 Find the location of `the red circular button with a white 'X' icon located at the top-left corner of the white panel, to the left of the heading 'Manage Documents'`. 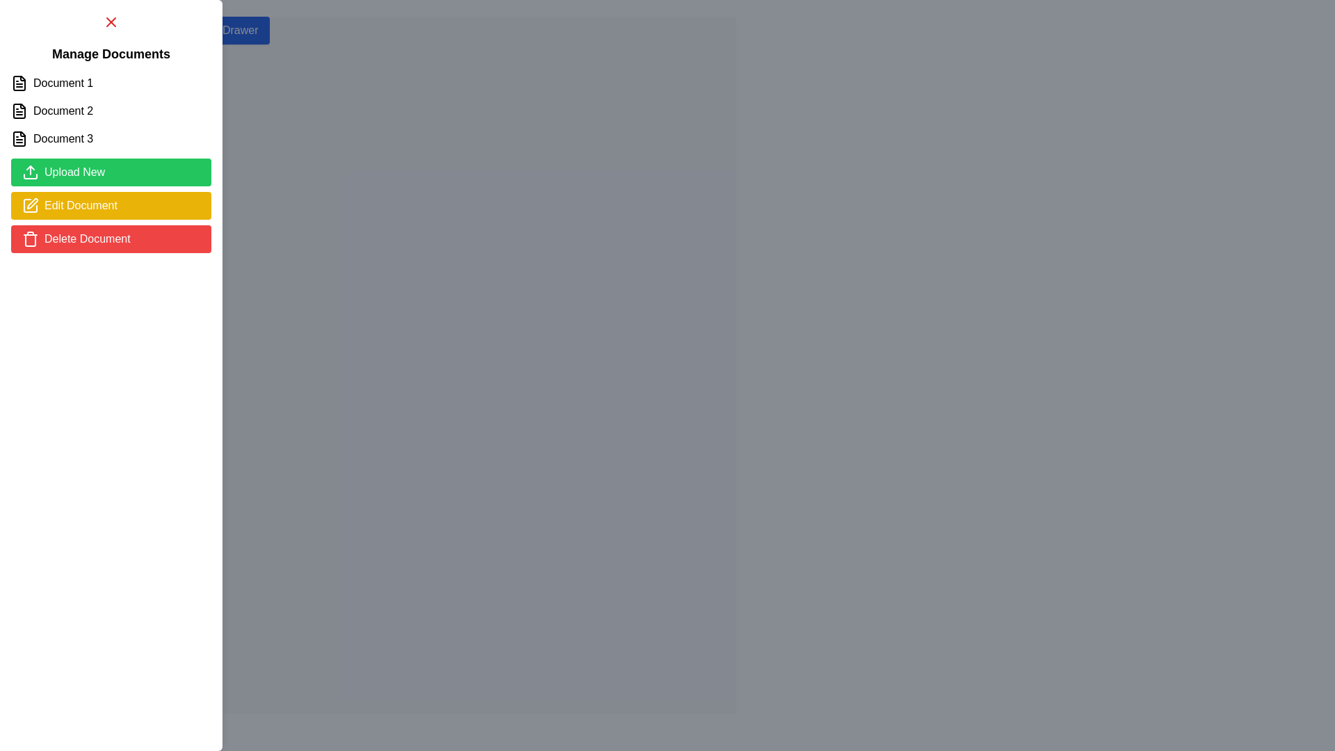

the red circular button with a white 'X' icon located at the top-left corner of the white panel, to the left of the heading 'Manage Documents' is located at coordinates (110, 22).